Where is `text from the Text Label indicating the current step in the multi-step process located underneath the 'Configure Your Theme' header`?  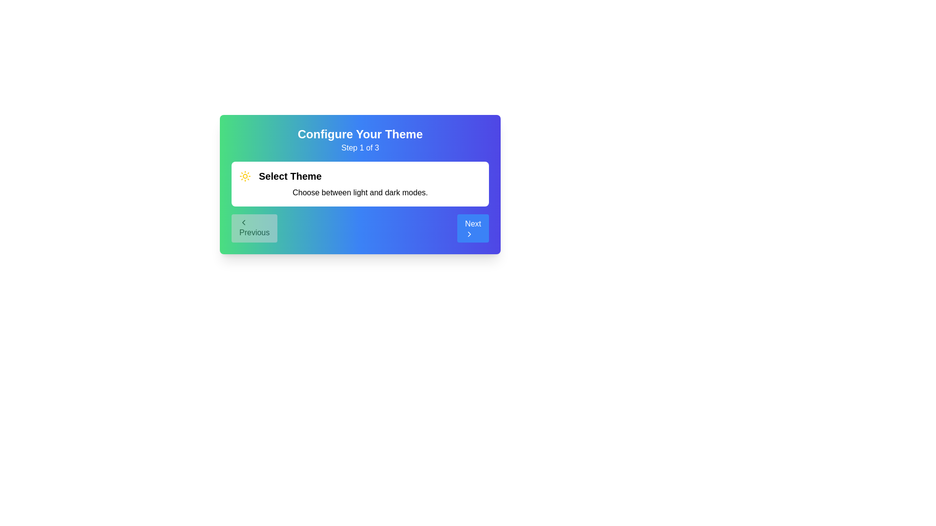
text from the Text Label indicating the current step in the multi-step process located underneath the 'Configure Your Theme' header is located at coordinates (360, 148).